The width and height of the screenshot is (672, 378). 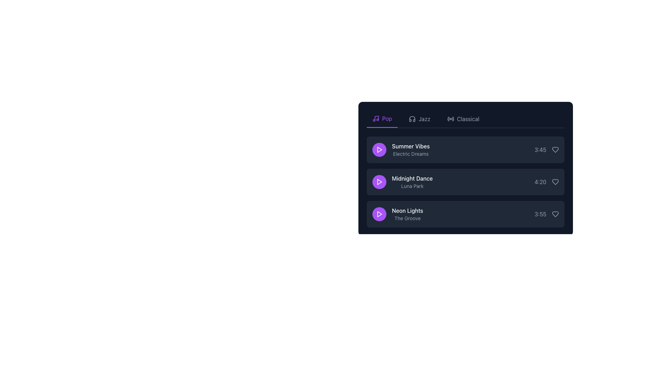 I want to click on the 'Classical' label located in the horizontal navigation bar, which is the last item next to 'Pop' and 'Jazz', so click(x=468, y=118).